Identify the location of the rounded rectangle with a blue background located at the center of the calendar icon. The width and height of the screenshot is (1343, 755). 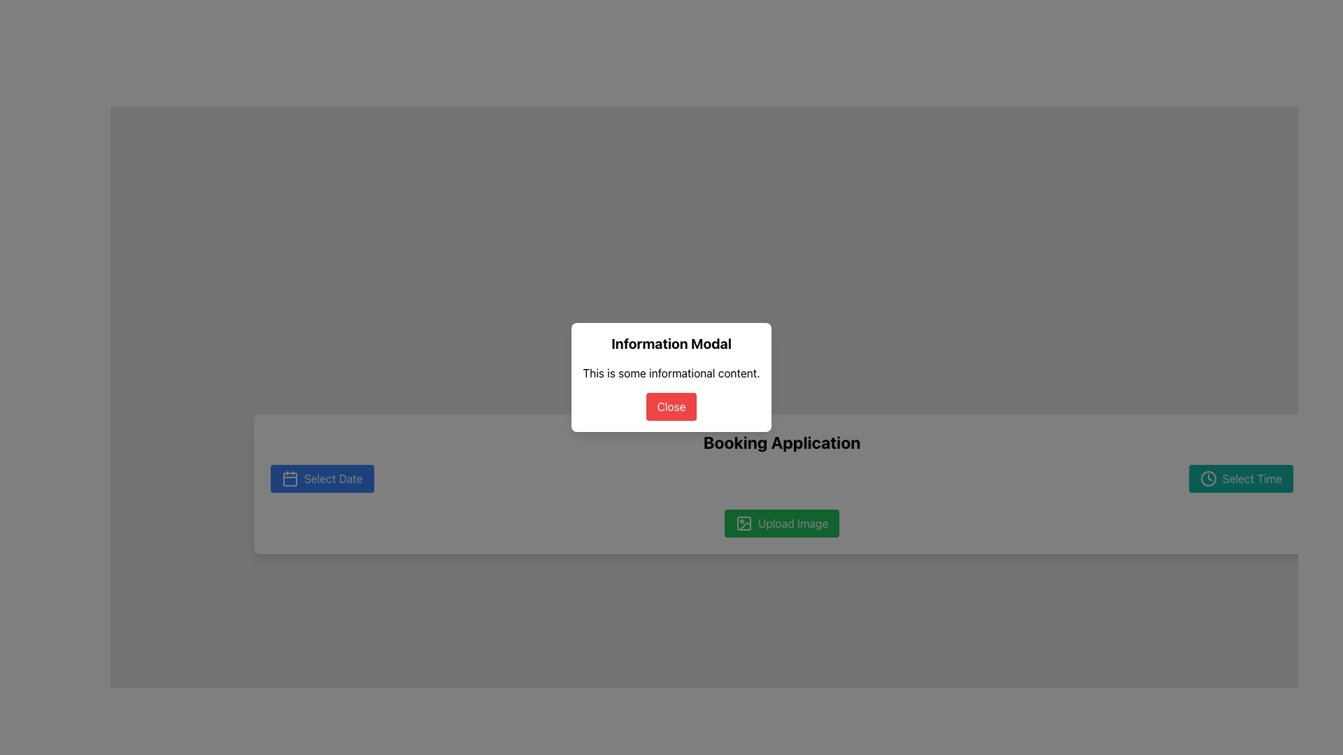
(289, 479).